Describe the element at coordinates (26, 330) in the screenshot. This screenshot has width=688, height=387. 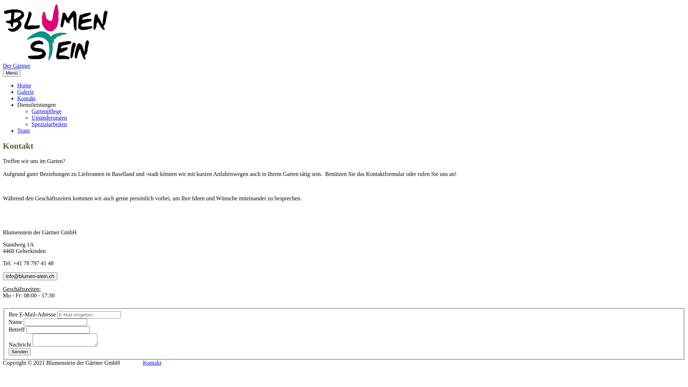
I see `'singleline_2'` at that location.